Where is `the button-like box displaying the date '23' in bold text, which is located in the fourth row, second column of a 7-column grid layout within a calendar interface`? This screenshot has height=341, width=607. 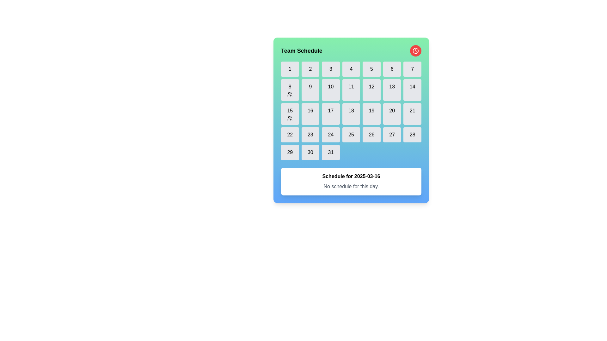
the button-like box displaying the date '23' in bold text, which is located in the fourth row, second column of a 7-column grid layout within a calendar interface is located at coordinates (310, 135).